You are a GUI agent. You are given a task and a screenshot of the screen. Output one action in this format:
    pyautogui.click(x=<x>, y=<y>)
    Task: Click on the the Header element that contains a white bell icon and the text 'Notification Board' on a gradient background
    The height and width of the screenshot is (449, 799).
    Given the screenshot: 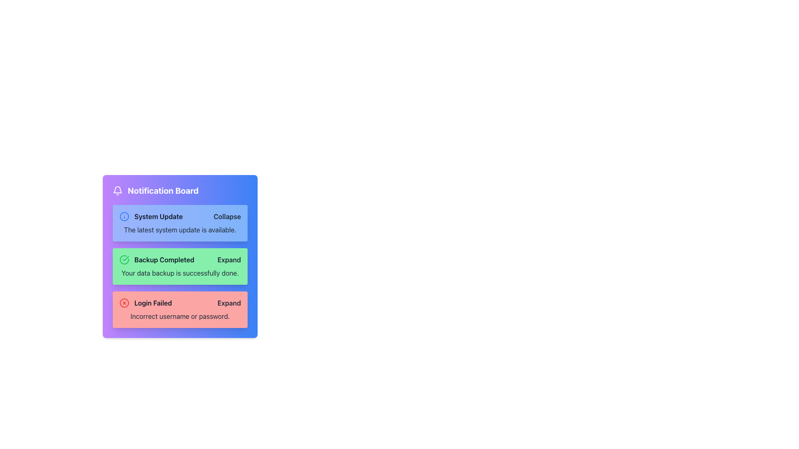 What is the action you would take?
    pyautogui.click(x=179, y=191)
    